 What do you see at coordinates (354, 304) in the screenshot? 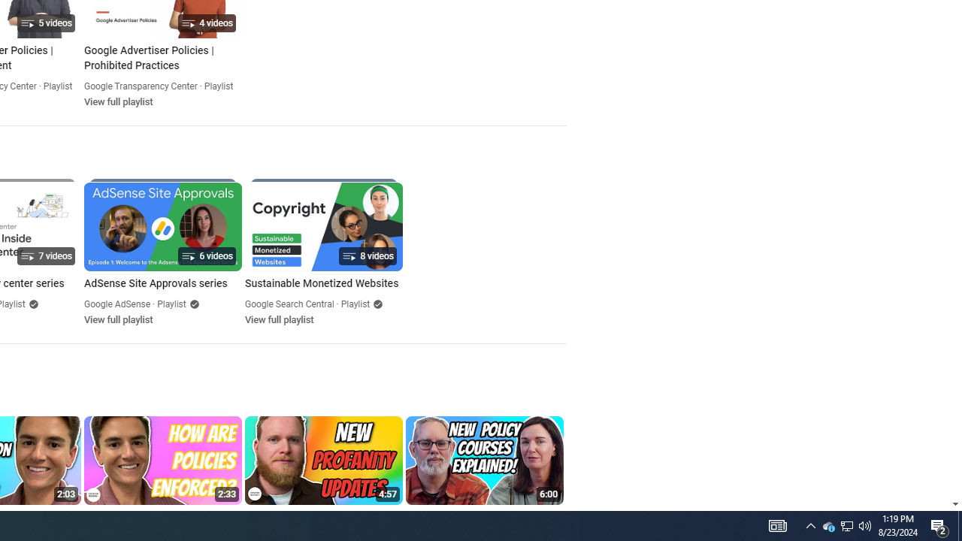
I see `'Playlist'` at bounding box center [354, 304].